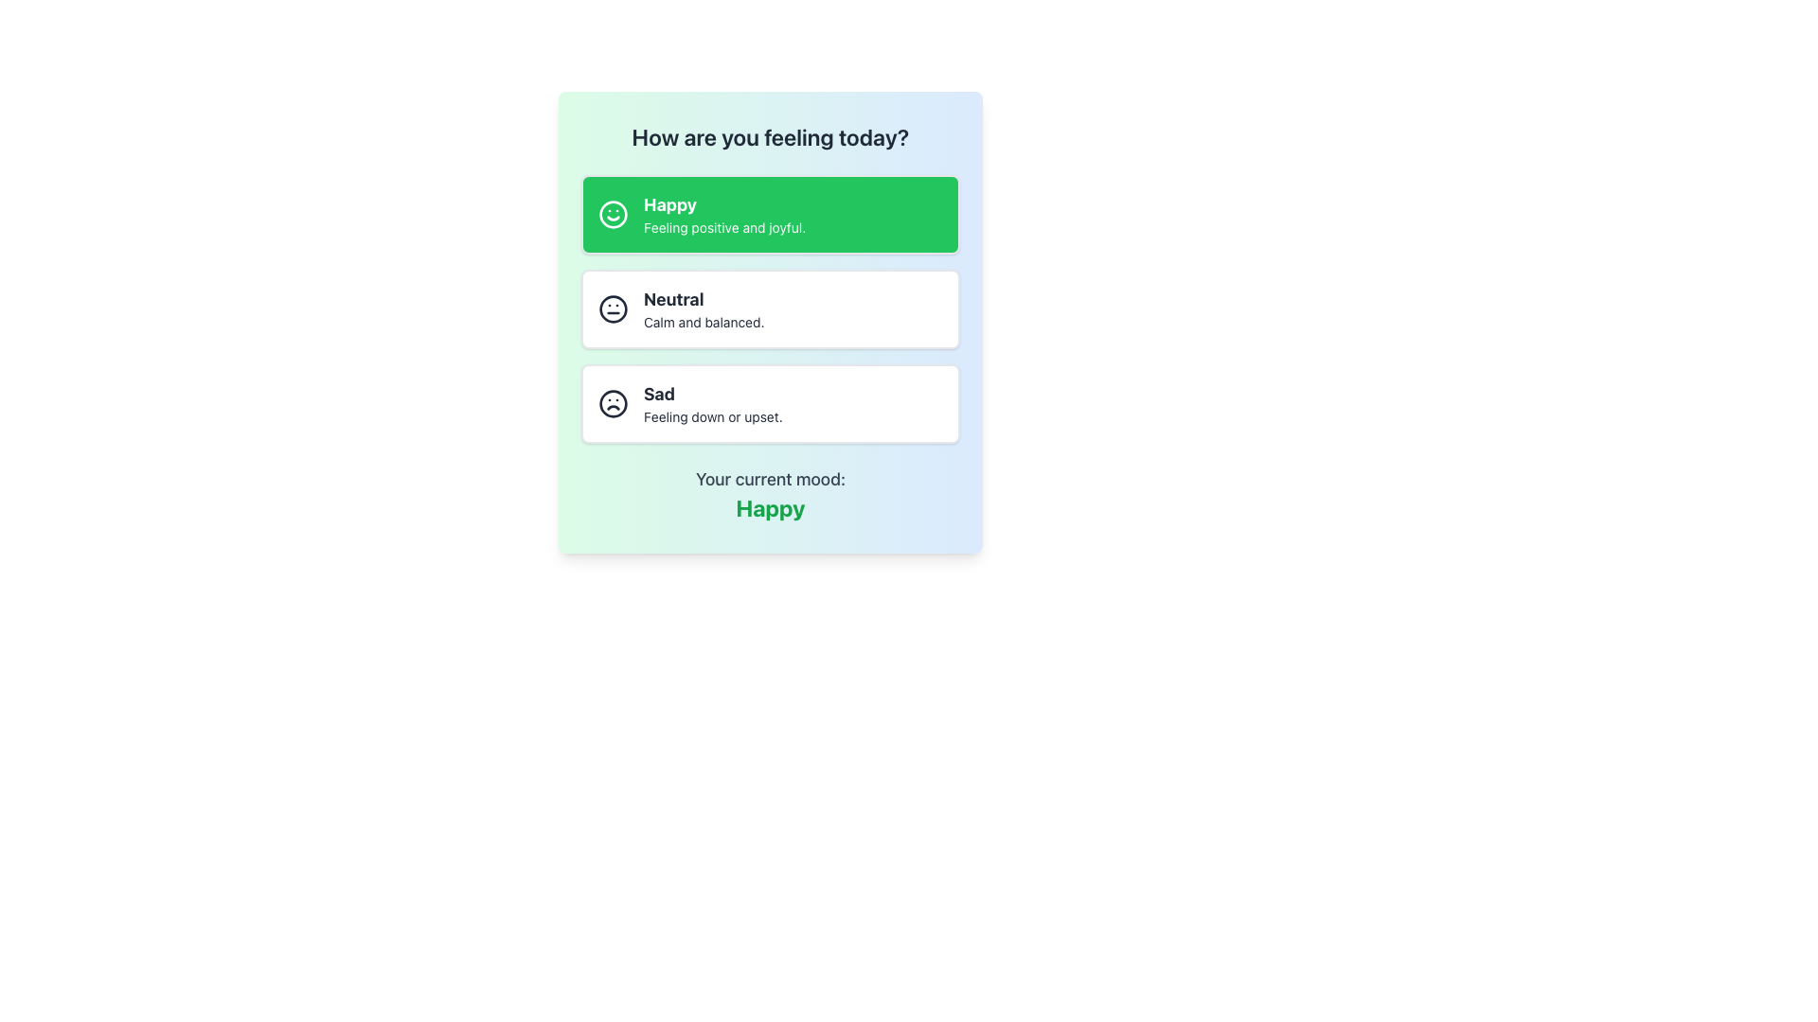 The image size is (1818, 1022). Describe the element at coordinates (614, 403) in the screenshot. I see `the circular 'Sad' icon, which visually represents the mood option for sadness, located to the left of the word 'Sad' and below the 'Neutral' option` at that location.